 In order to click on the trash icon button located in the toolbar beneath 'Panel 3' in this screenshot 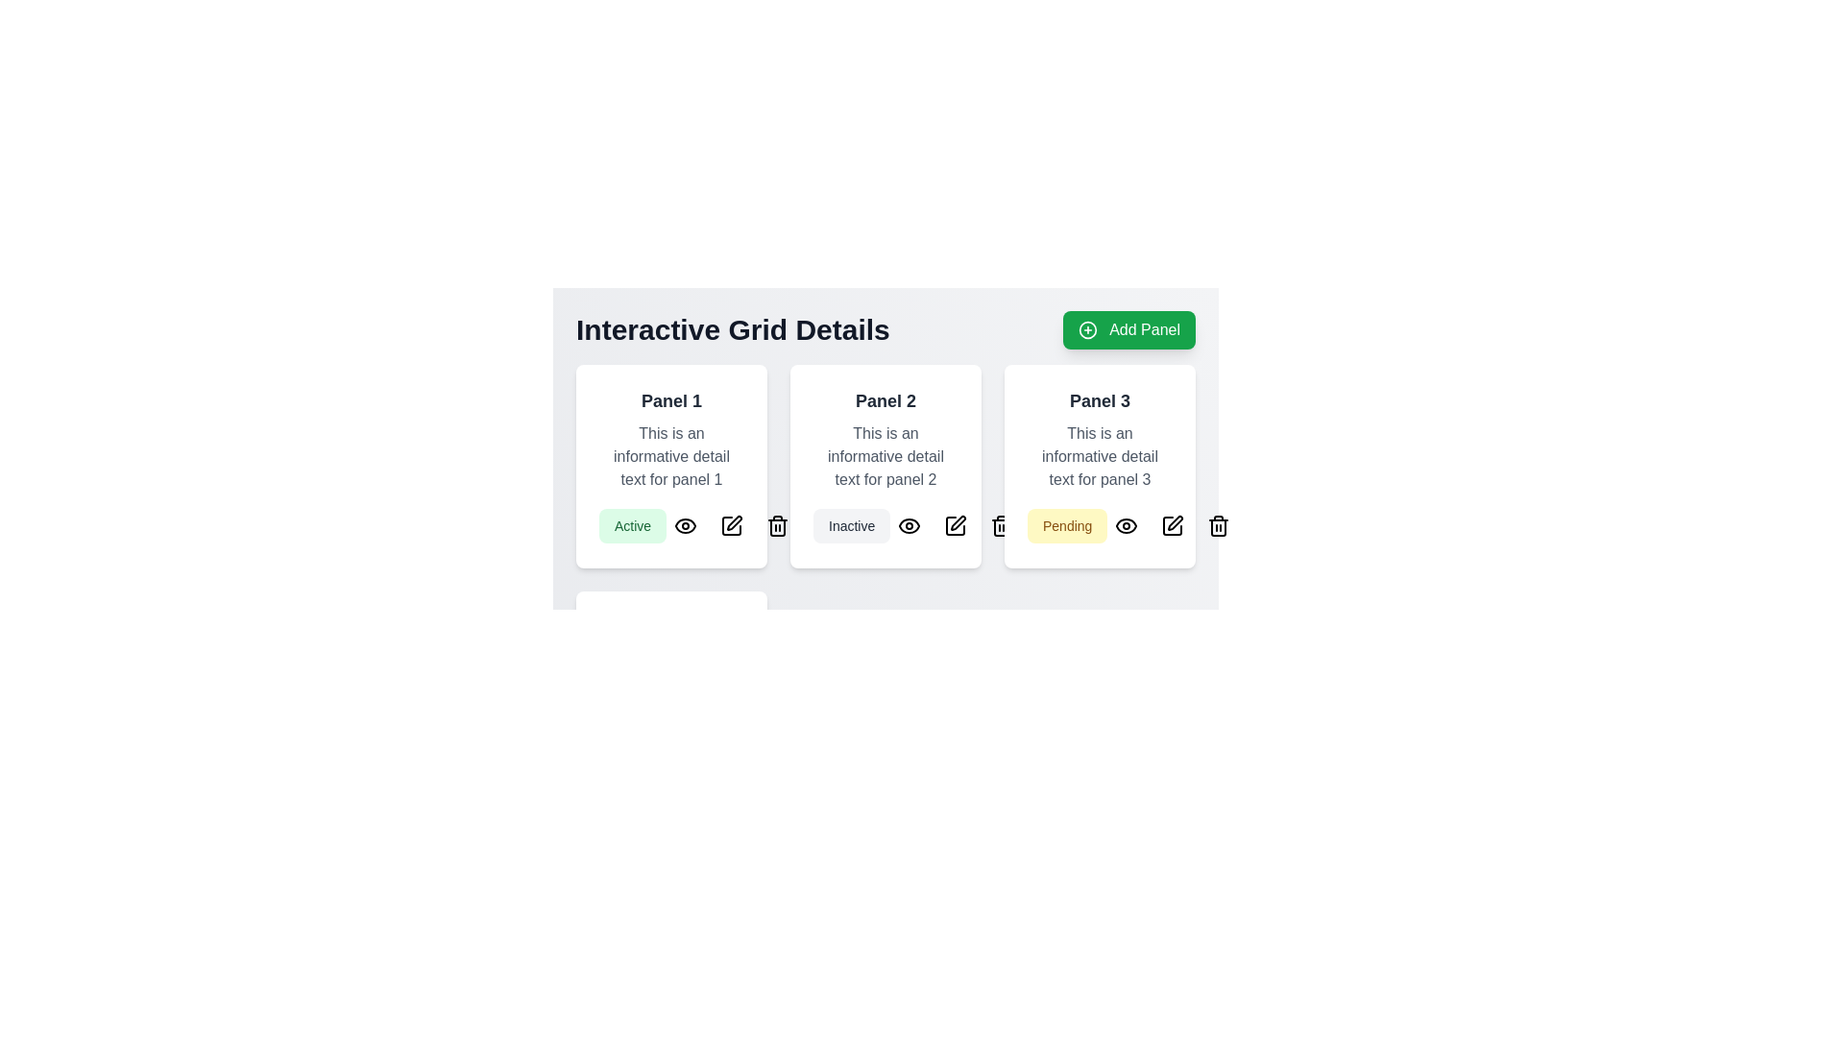, I will do `click(1001, 525)`.